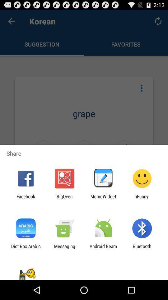  Describe the element at coordinates (64, 249) in the screenshot. I see `the messaging app` at that location.